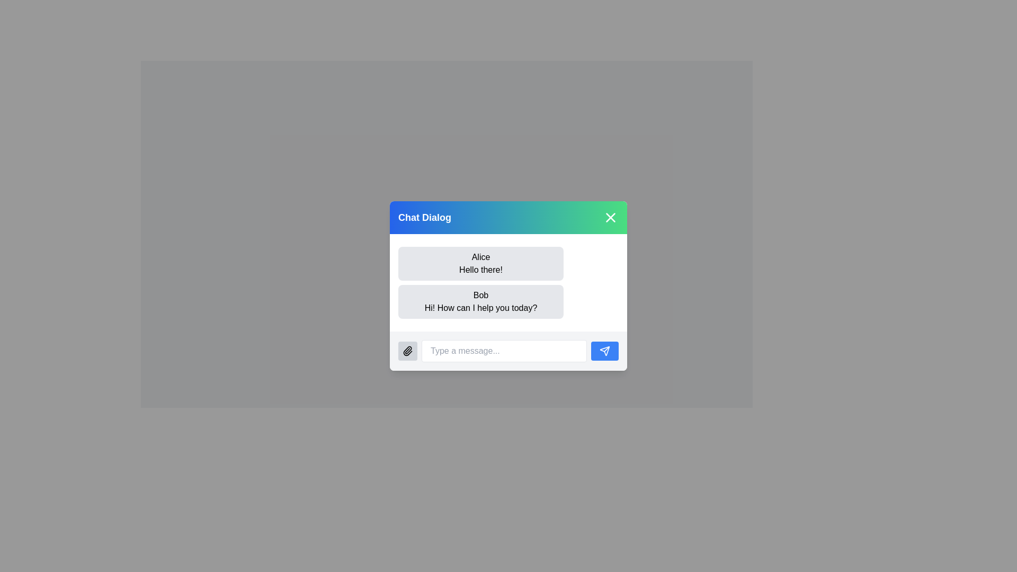 The image size is (1017, 572). Describe the element at coordinates (407, 351) in the screenshot. I see `the file attachment button located in the bottom left corner of the chat dialog interface` at that location.